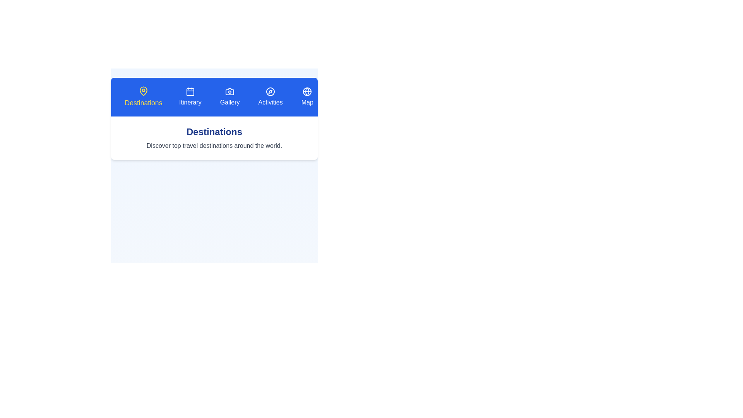 The height and width of the screenshot is (418, 743). I want to click on the 'Destinations' button, which features a yellow pin icon and text label, located in the top navigation bar with a blue background, so click(143, 96).